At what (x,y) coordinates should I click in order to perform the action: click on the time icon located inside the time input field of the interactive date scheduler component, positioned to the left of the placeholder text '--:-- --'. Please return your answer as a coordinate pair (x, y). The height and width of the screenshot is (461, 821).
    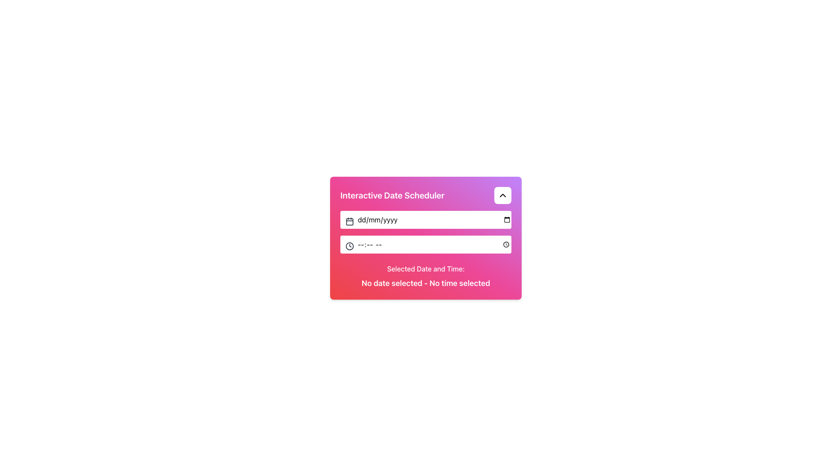
    Looking at the image, I should click on (349, 245).